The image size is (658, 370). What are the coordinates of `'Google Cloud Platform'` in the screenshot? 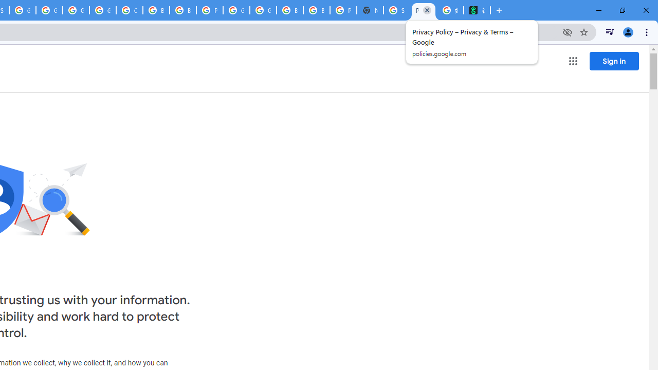 It's located at (236, 10).